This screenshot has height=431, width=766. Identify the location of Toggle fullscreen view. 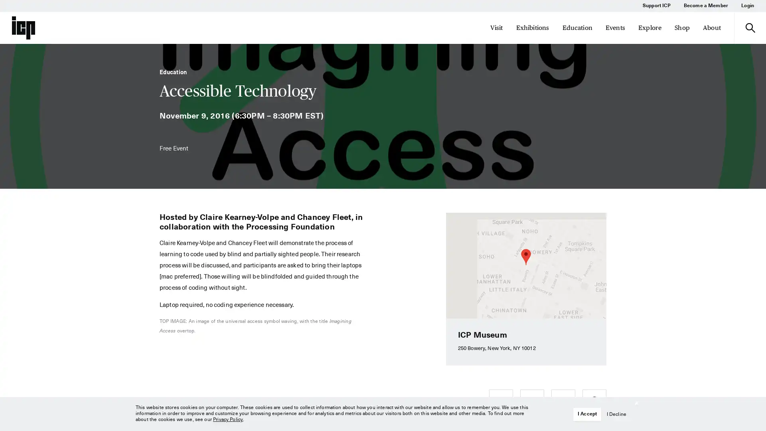
(594, 225).